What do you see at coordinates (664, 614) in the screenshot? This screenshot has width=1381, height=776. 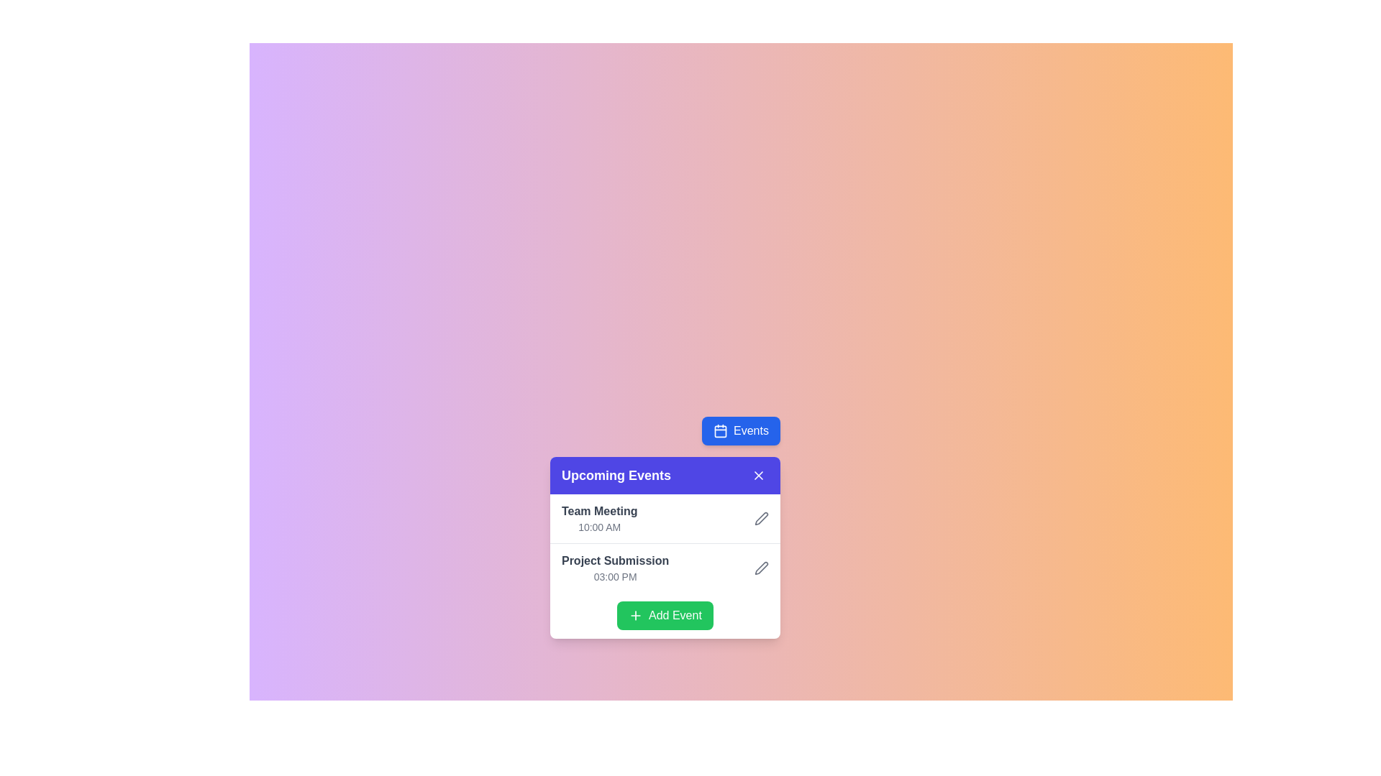 I see `the 'Add Event' button located at the bottom of the 'Upcoming Events' panel` at bounding box center [664, 614].